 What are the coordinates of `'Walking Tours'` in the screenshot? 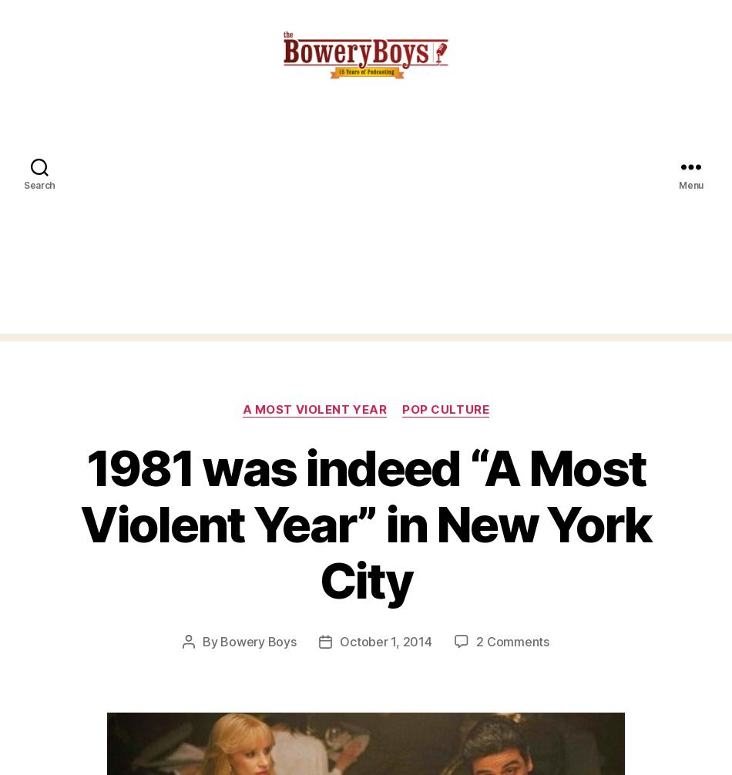 It's located at (91, 683).